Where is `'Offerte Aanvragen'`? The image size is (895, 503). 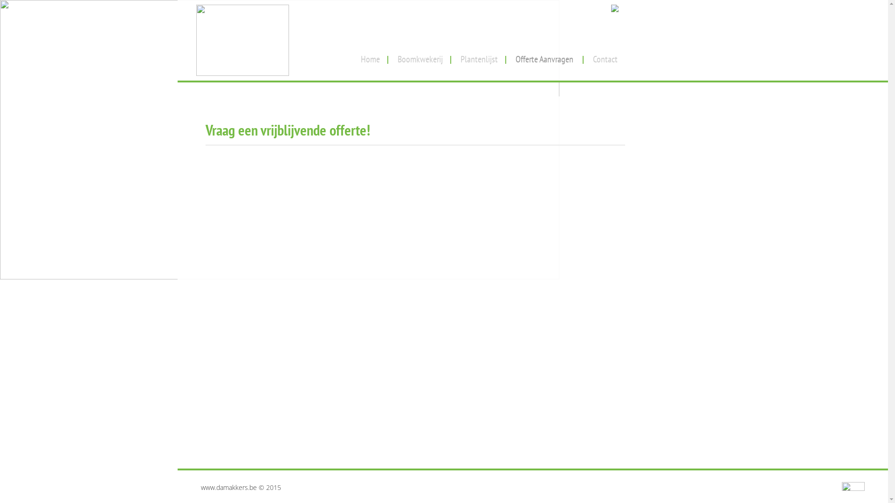
'Offerte Aanvragen' is located at coordinates (508, 55).